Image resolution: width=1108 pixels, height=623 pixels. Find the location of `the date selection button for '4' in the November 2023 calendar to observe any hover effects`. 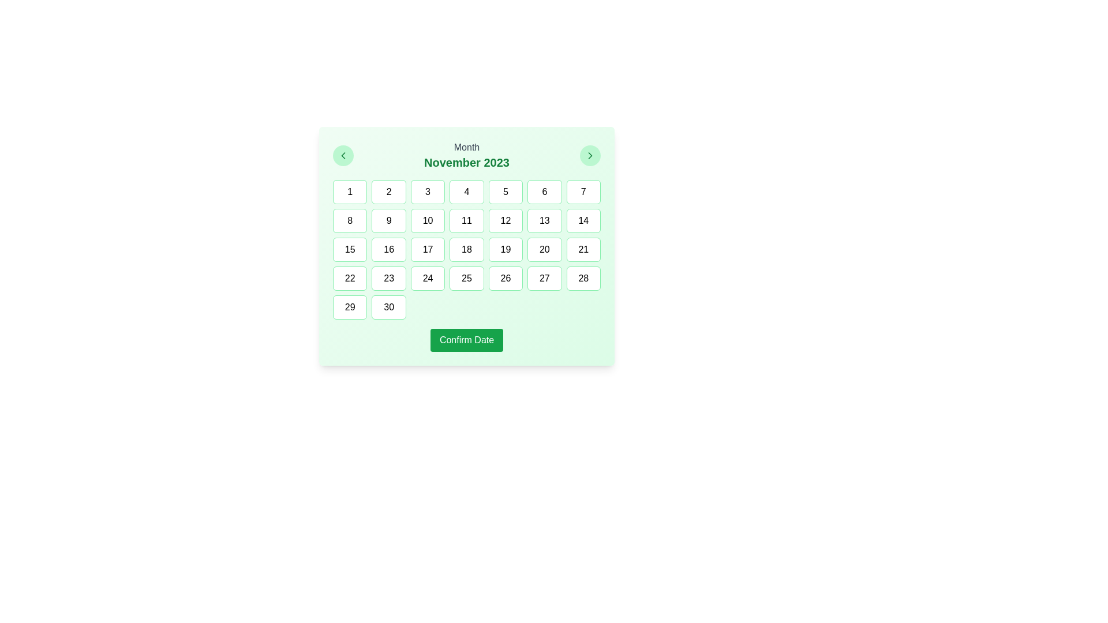

the date selection button for '4' in the November 2023 calendar to observe any hover effects is located at coordinates (466, 191).